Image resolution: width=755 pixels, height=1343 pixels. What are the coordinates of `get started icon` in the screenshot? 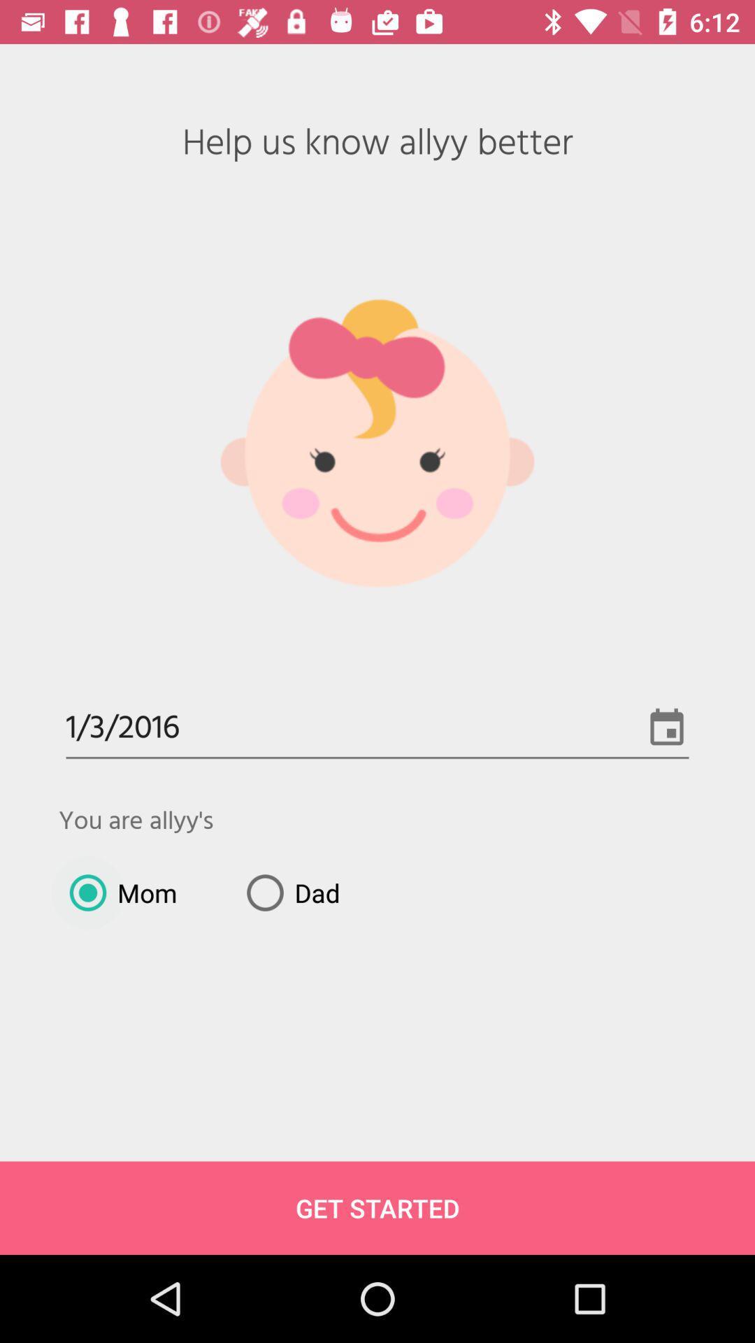 It's located at (377, 1207).